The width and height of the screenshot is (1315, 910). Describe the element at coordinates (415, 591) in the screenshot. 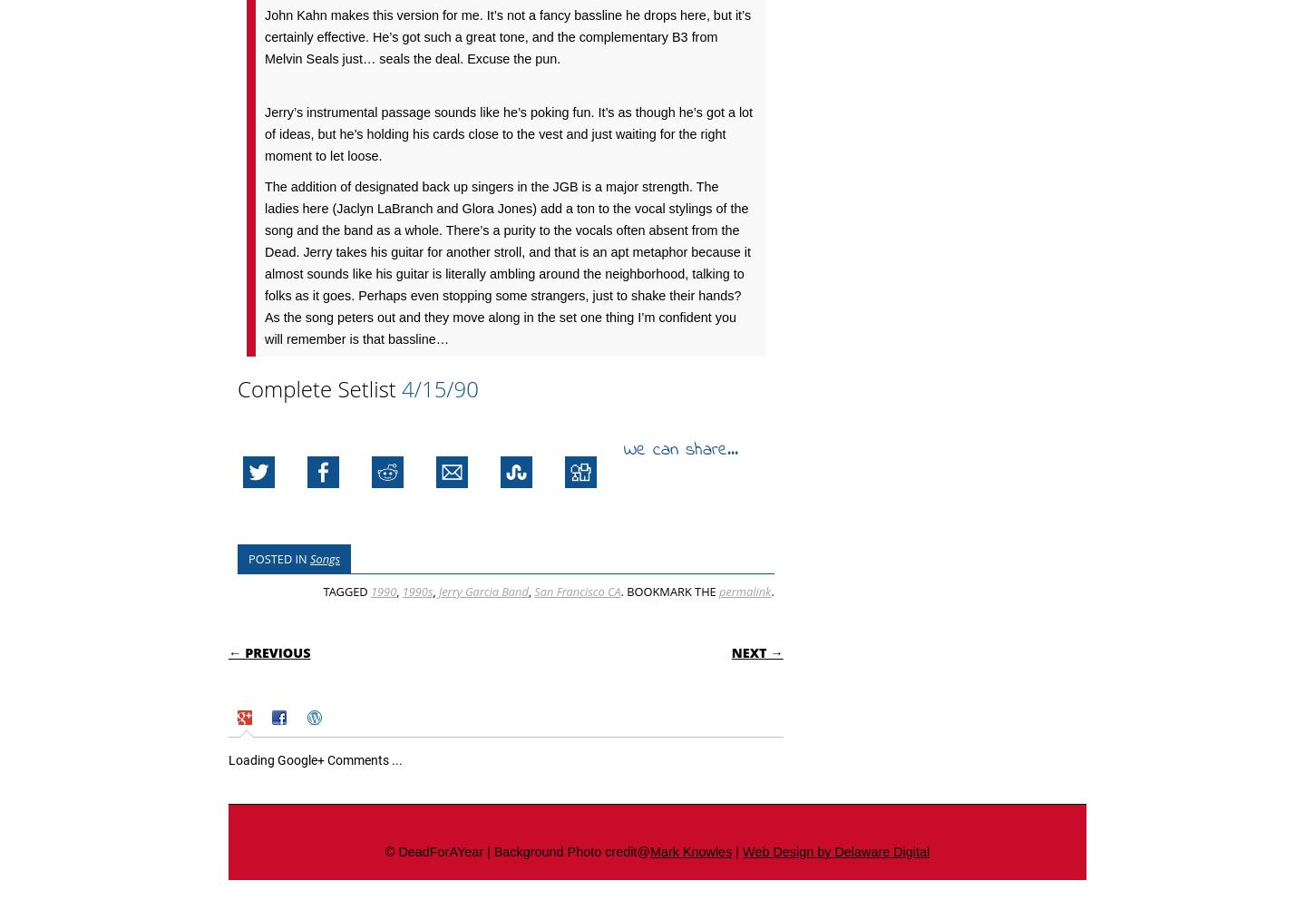

I see `'1990s'` at that location.